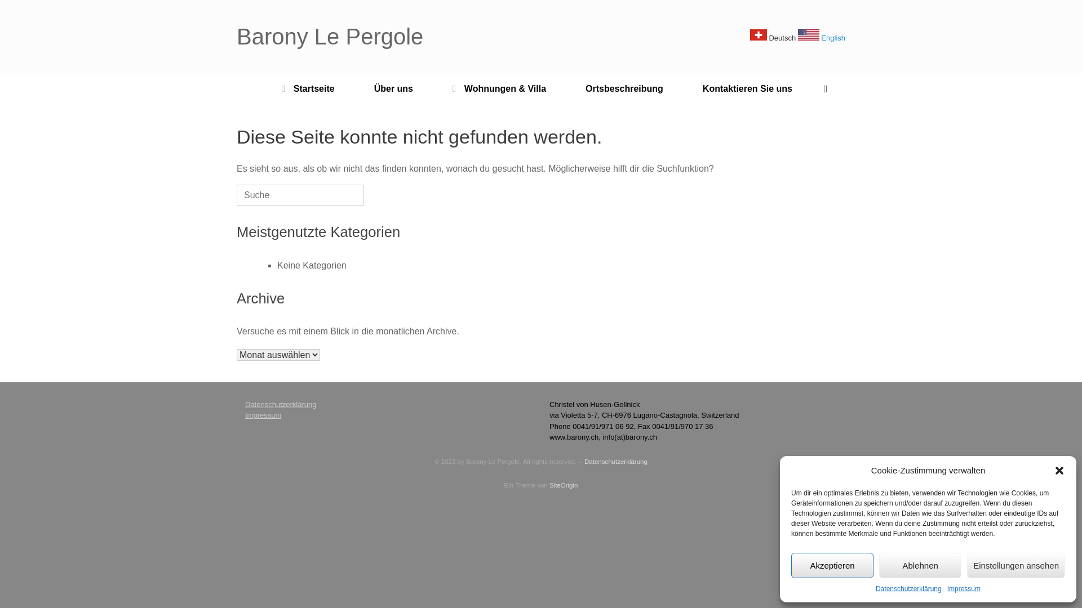 This screenshot has height=608, width=1082. What do you see at coordinates (920, 565) in the screenshot?
I see `'Ablehnen'` at bounding box center [920, 565].